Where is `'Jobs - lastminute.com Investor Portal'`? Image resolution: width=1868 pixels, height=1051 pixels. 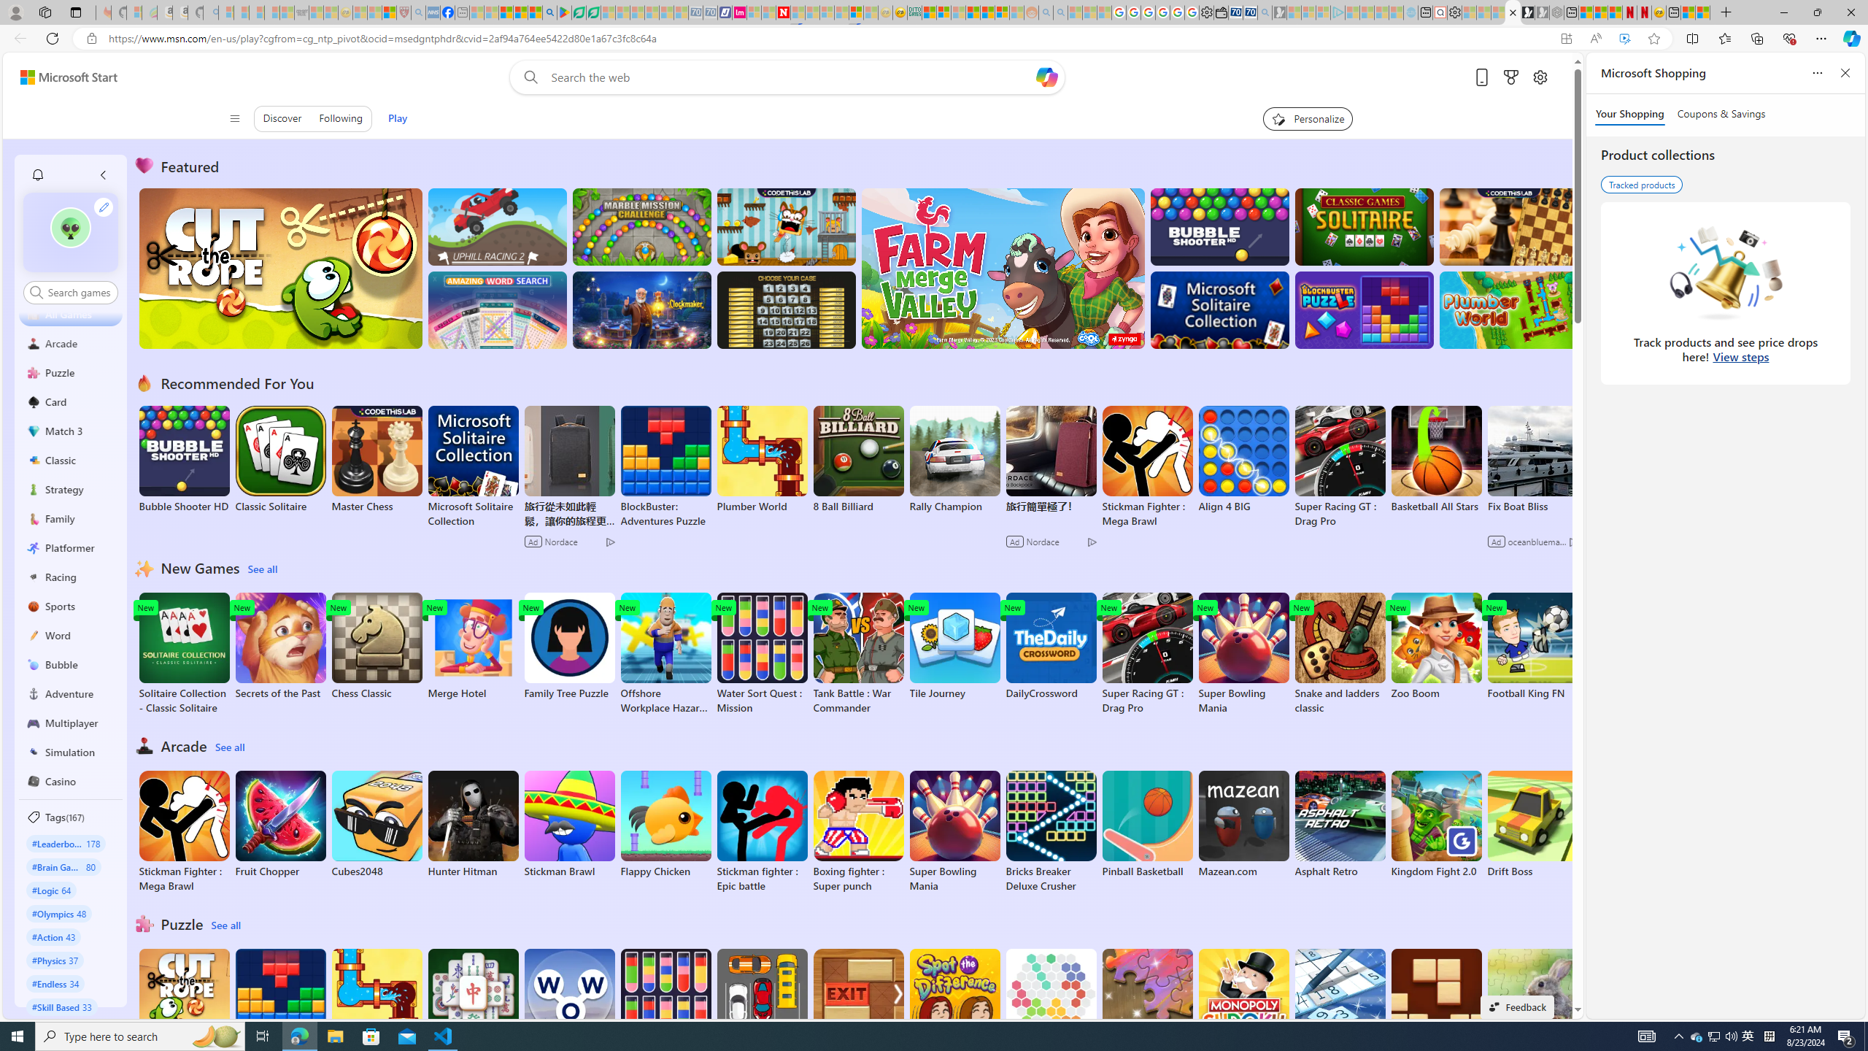 'Jobs - lastminute.com Investor Portal' is located at coordinates (738, 12).